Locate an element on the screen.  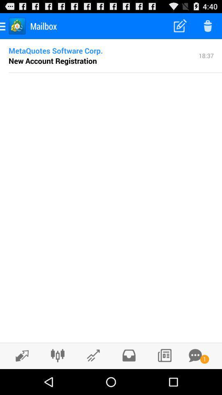
message is located at coordinates (195, 355).